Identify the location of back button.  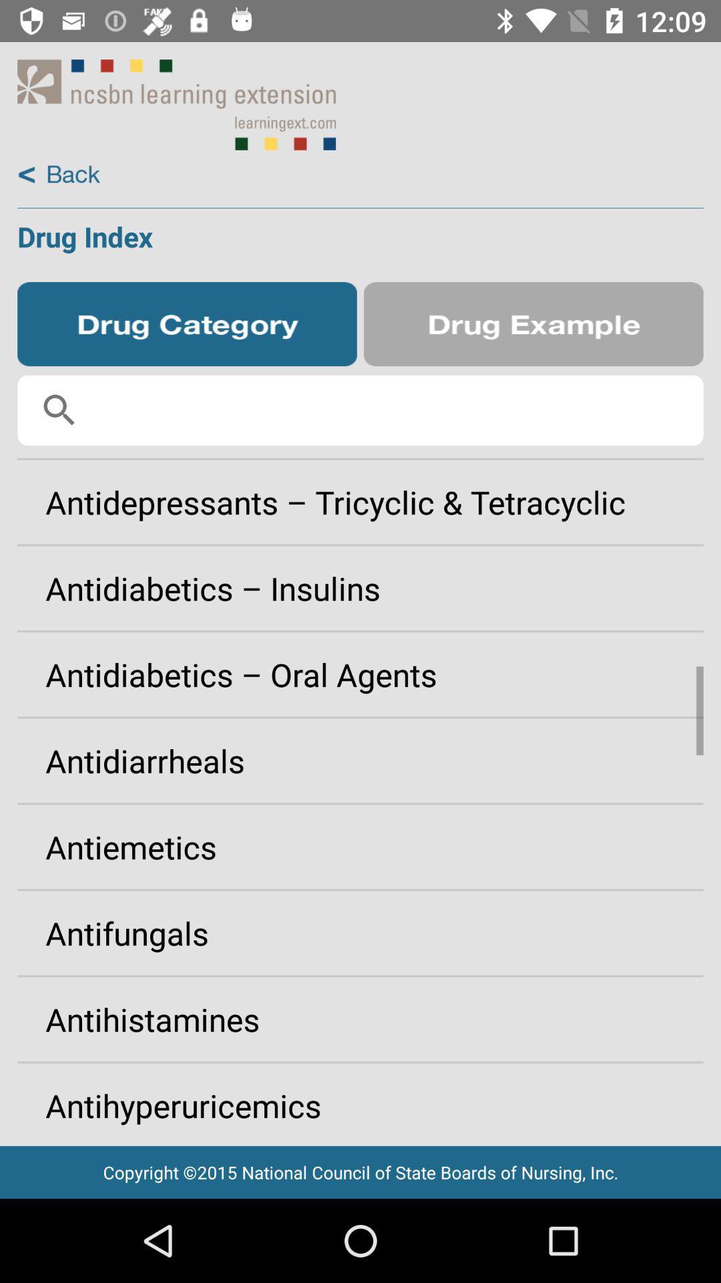
(58, 174).